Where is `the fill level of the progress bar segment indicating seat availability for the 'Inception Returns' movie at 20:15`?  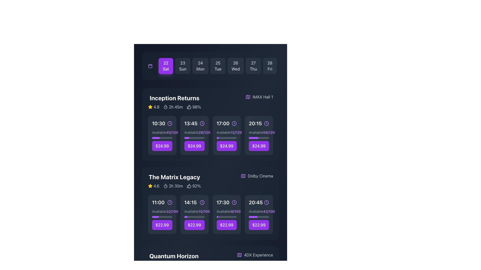
the fill level of the progress bar segment indicating seat availability for the 'Inception Returns' movie at 20:15 is located at coordinates (254, 138).